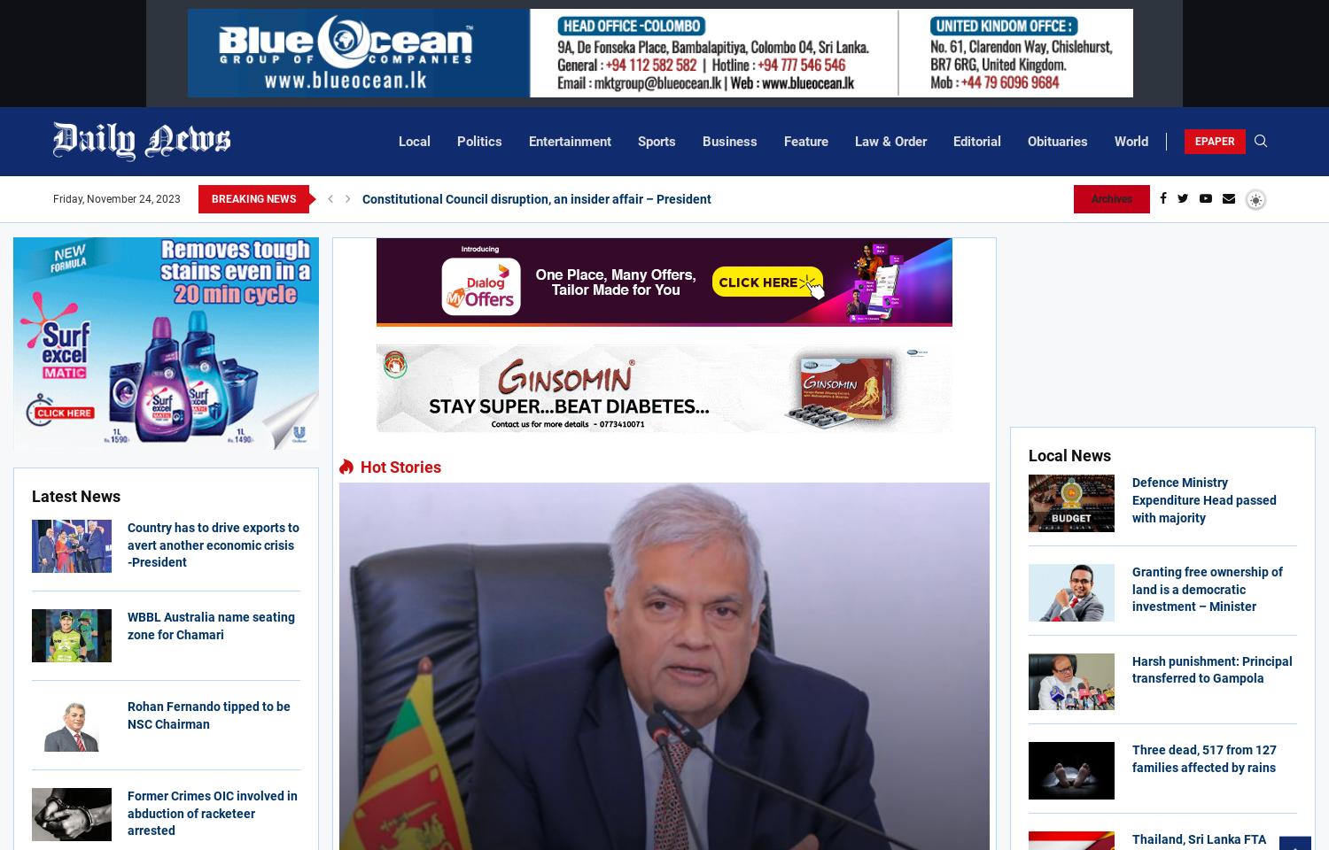 Image resolution: width=1329 pixels, height=850 pixels. I want to click on 'Defence Ministry Expenditure Head passed with majority', so click(1202, 499).